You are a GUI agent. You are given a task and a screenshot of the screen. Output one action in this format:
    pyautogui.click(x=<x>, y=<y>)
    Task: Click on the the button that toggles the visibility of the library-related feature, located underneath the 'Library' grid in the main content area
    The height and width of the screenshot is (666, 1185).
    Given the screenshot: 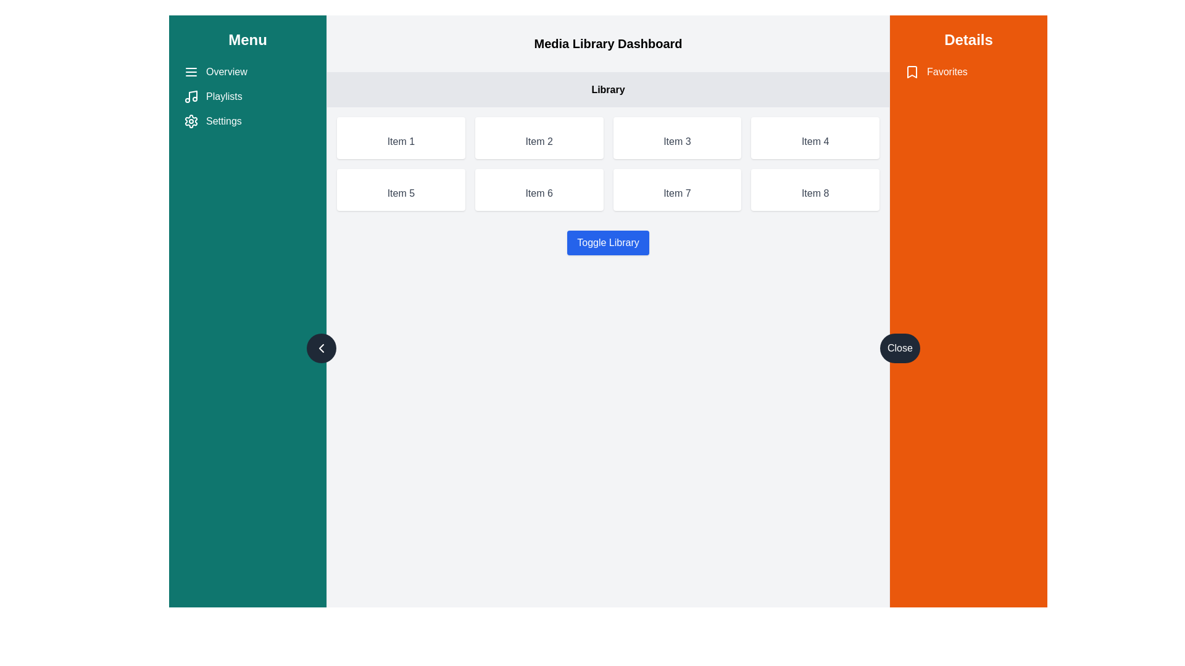 What is the action you would take?
    pyautogui.click(x=608, y=242)
    